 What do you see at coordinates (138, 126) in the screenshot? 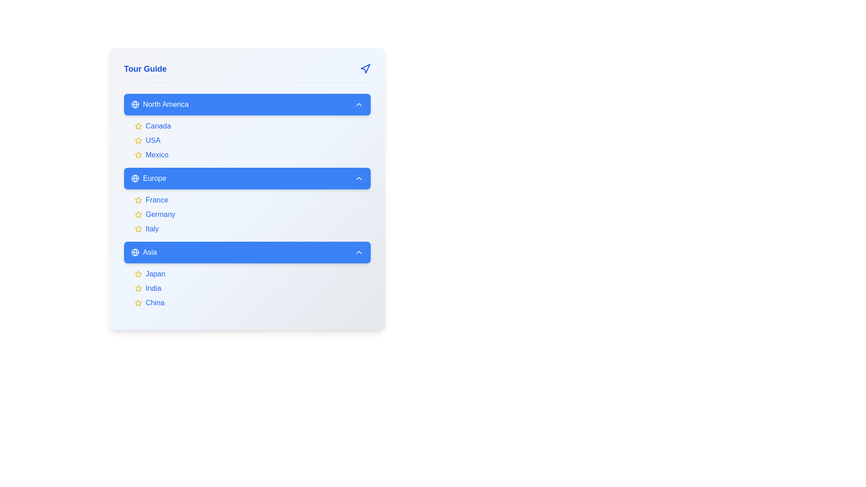
I see `the yellow star icon next to the 'Canada' label` at bounding box center [138, 126].